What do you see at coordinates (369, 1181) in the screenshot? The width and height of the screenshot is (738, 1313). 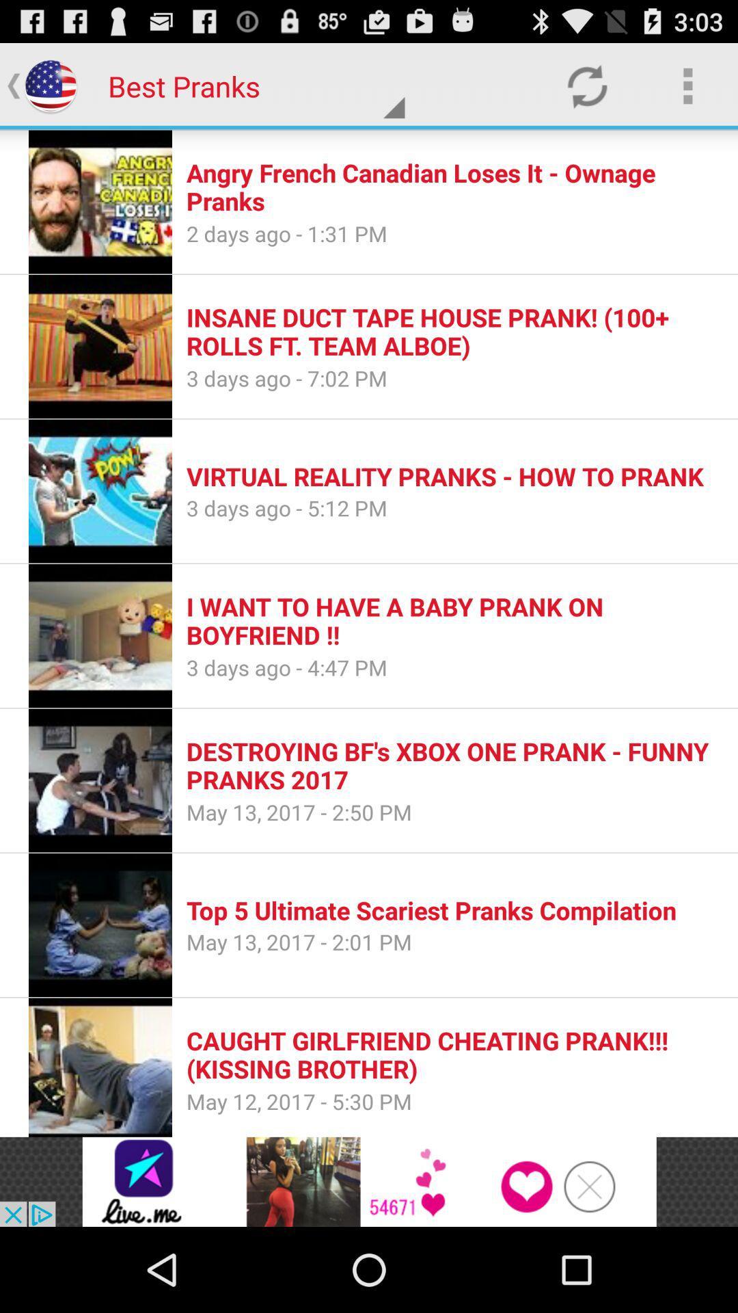 I see `open advertisement` at bounding box center [369, 1181].